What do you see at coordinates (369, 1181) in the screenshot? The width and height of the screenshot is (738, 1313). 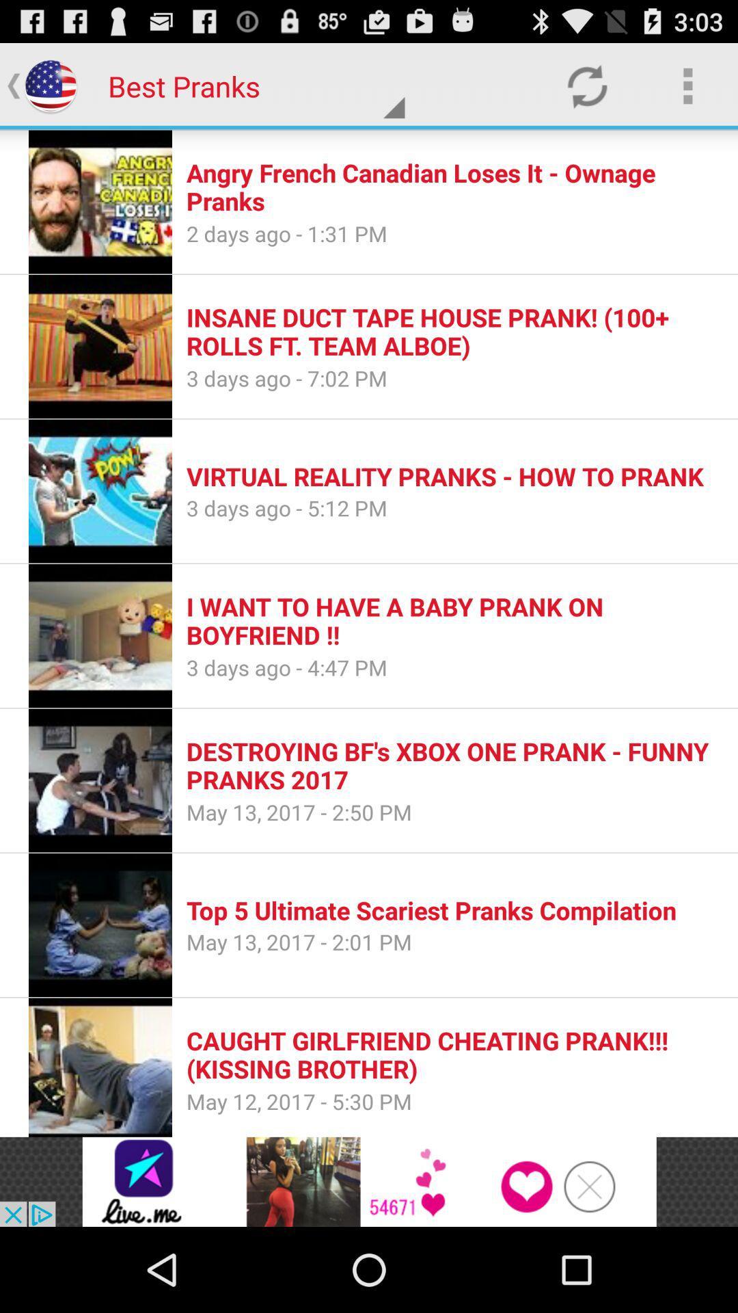 I see `open advertisement` at bounding box center [369, 1181].